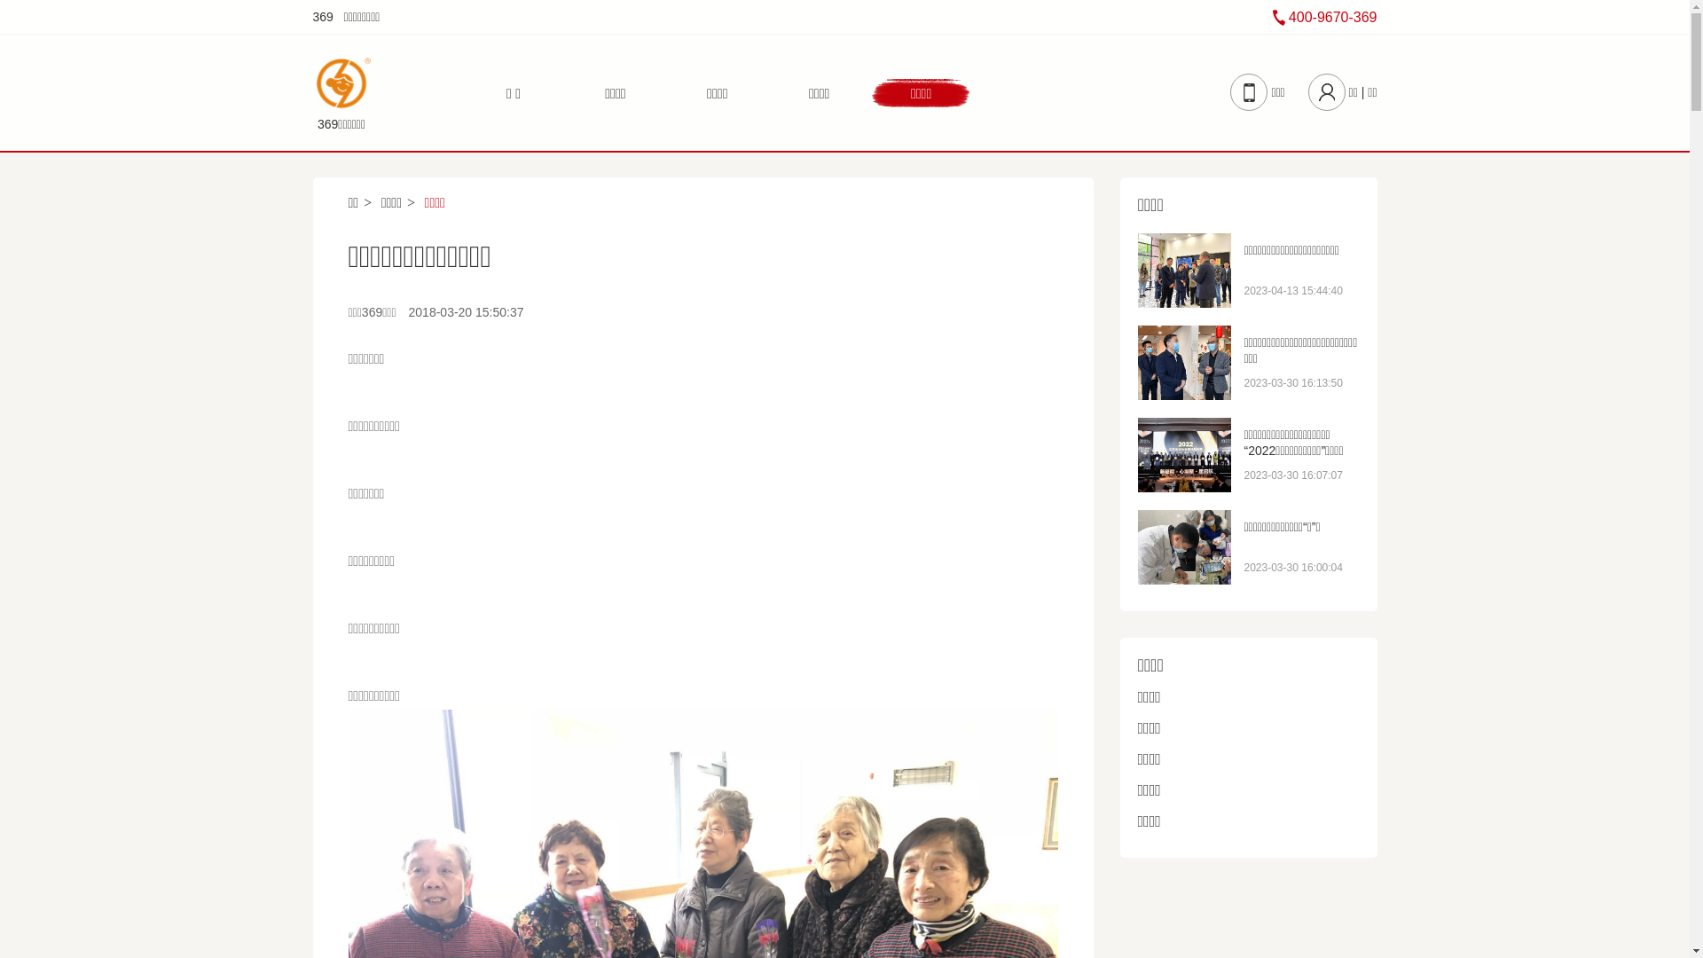 This screenshot has height=958, width=1703. I want to click on '400-9670-369', so click(1324, 17).